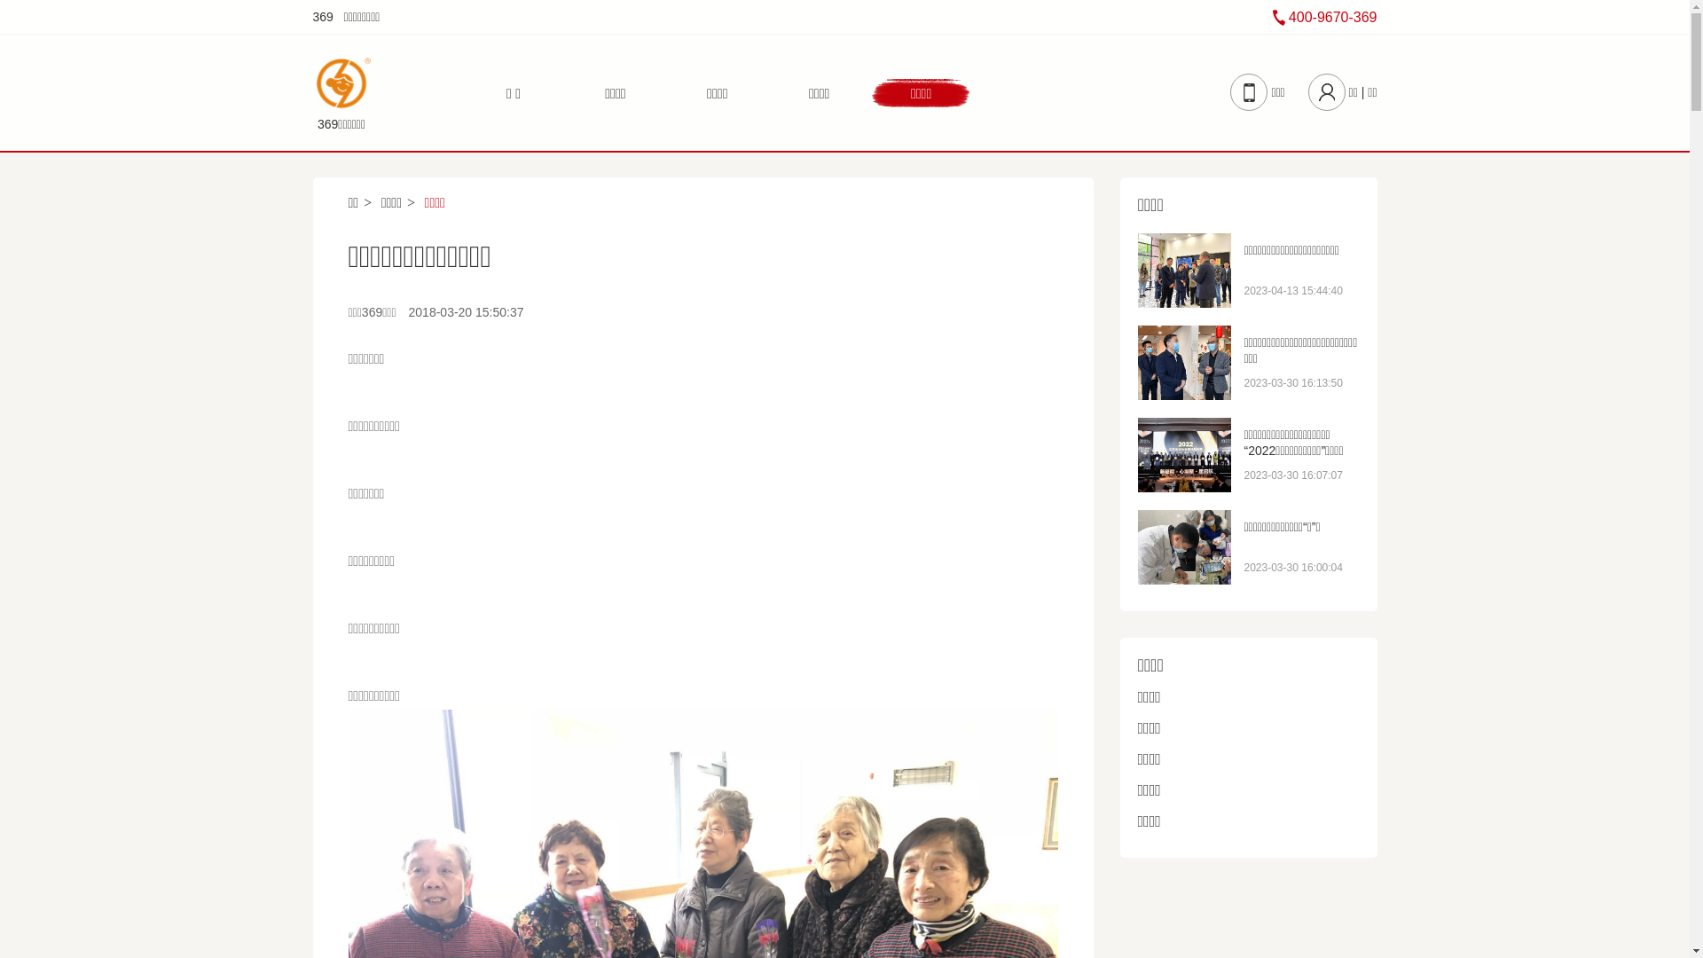 This screenshot has height=958, width=1703. I want to click on '400-9670-369', so click(1324, 17).